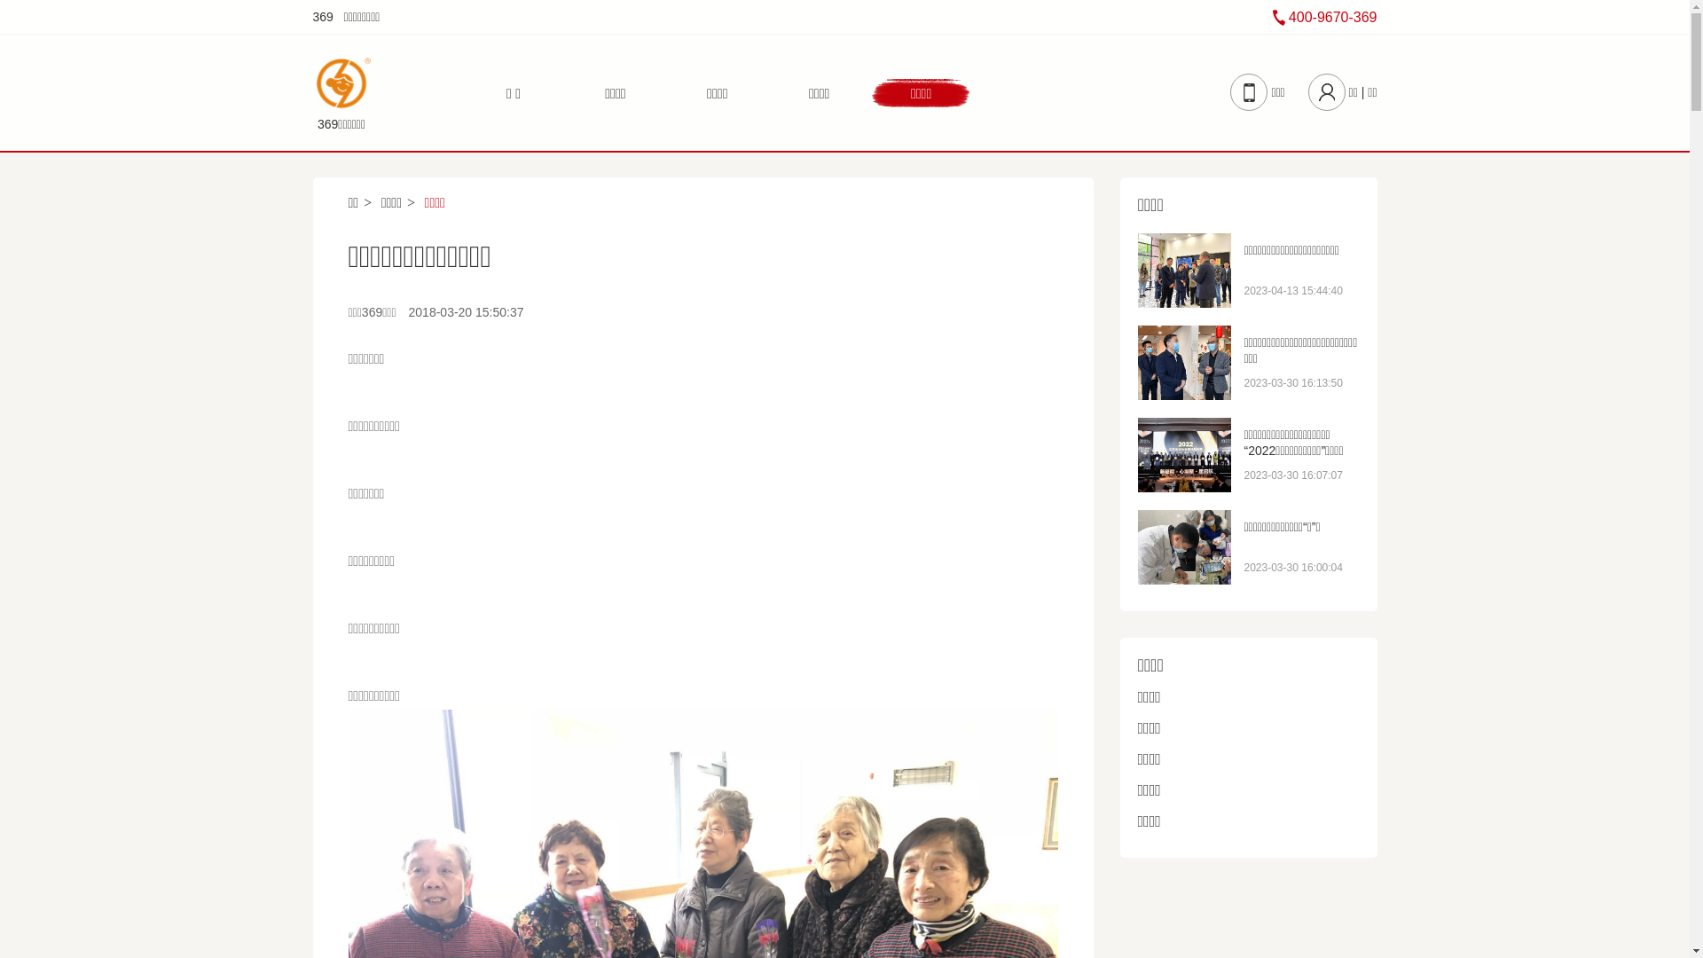 This screenshot has height=958, width=1703. I want to click on '400-9670-369', so click(1324, 17).